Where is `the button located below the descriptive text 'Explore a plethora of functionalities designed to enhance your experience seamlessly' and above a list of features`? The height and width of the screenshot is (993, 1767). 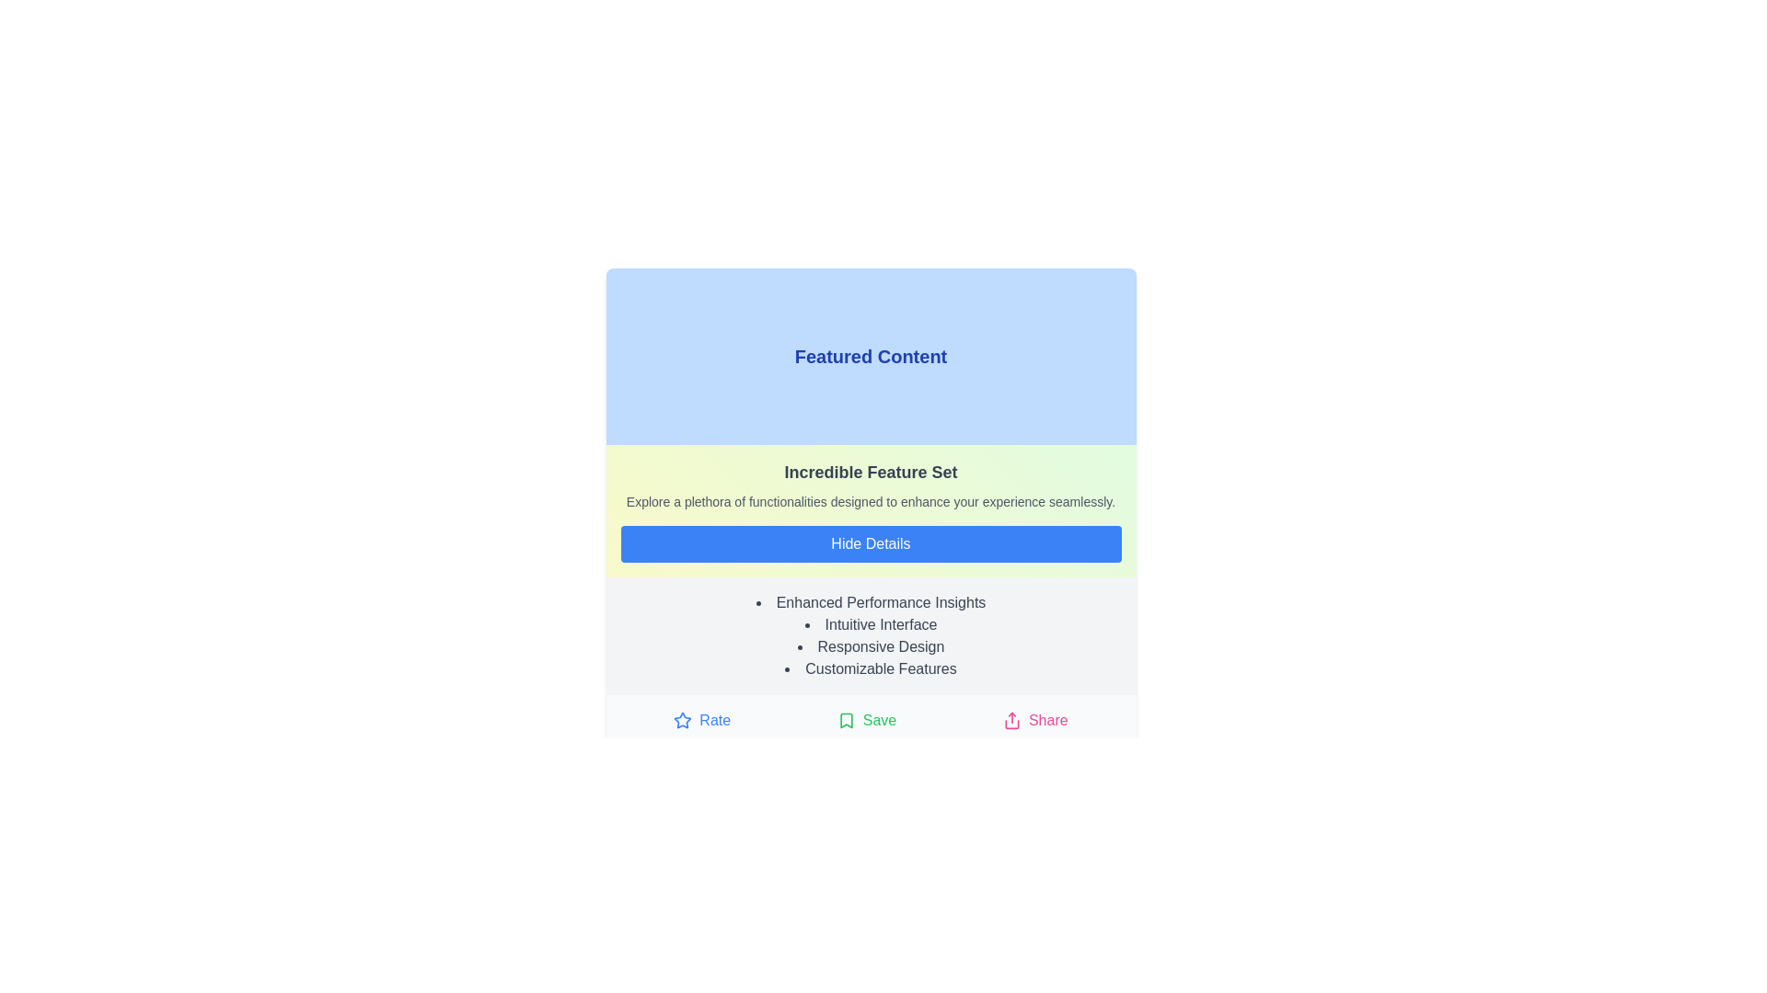 the button located below the descriptive text 'Explore a plethora of functionalities designed to enhance your experience seamlessly' and above a list of features is located at coordinates (870, 542).